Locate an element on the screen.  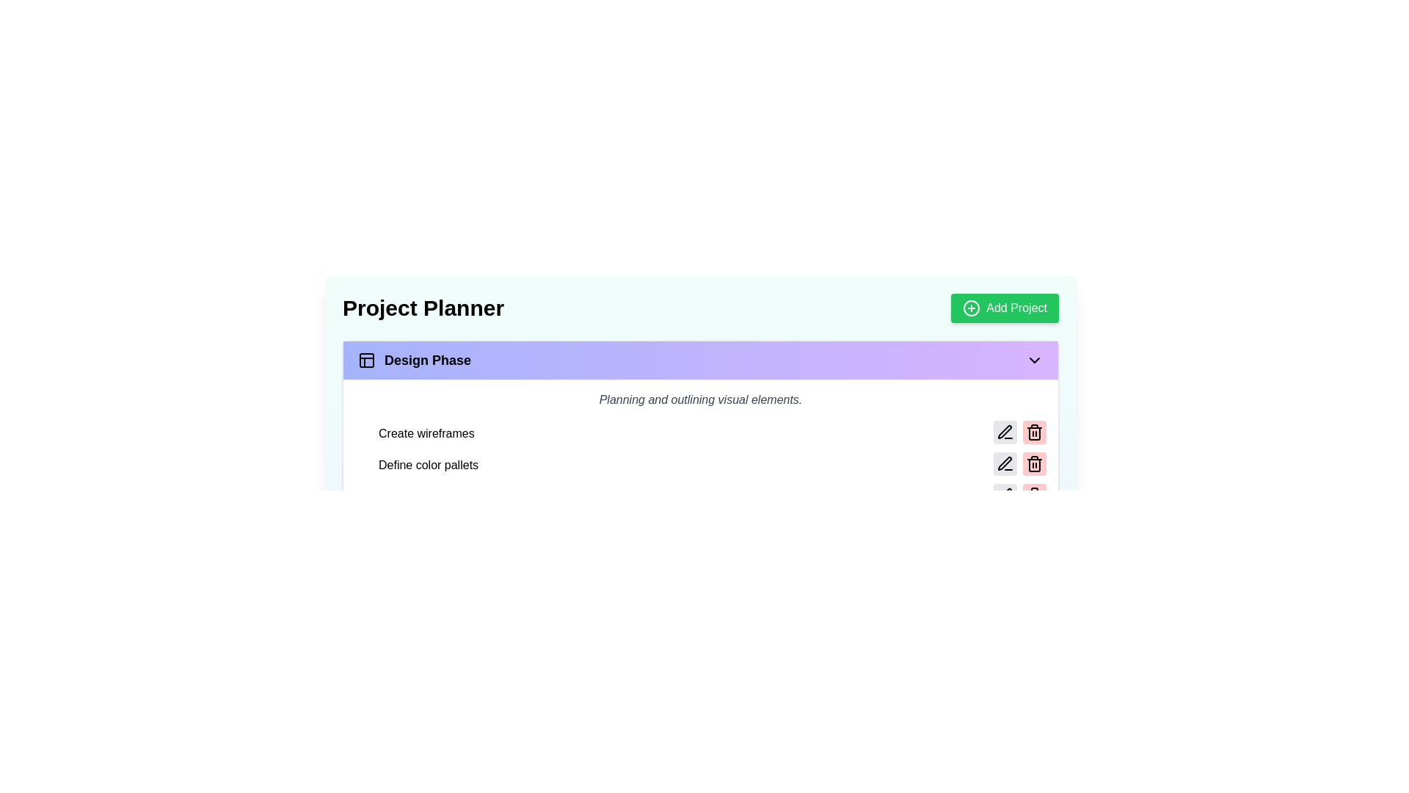
the downward-pointing chevron icon in the header bar is located at coordinates (1034, 360).